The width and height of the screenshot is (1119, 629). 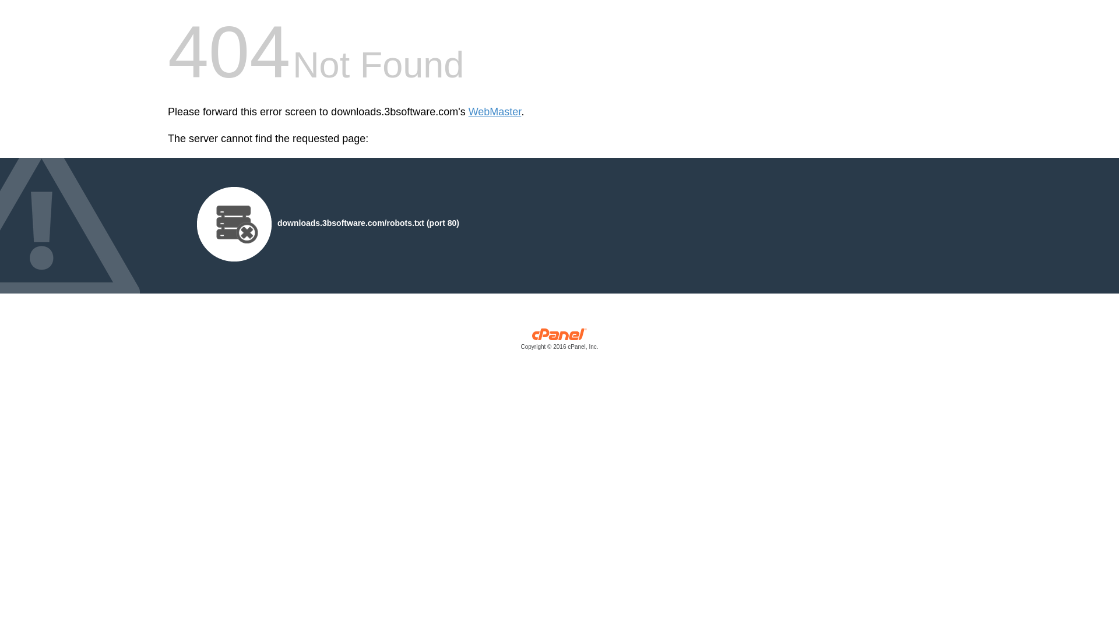 What do you see at coordinates (495, 112) in the screenshot?
I see `'WebMaster'` at bounding box center [495, 112].